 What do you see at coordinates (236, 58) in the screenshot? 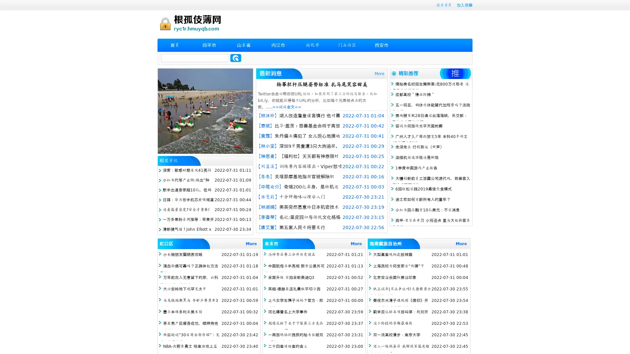
I see `Search` at bounding box center [236, 58].